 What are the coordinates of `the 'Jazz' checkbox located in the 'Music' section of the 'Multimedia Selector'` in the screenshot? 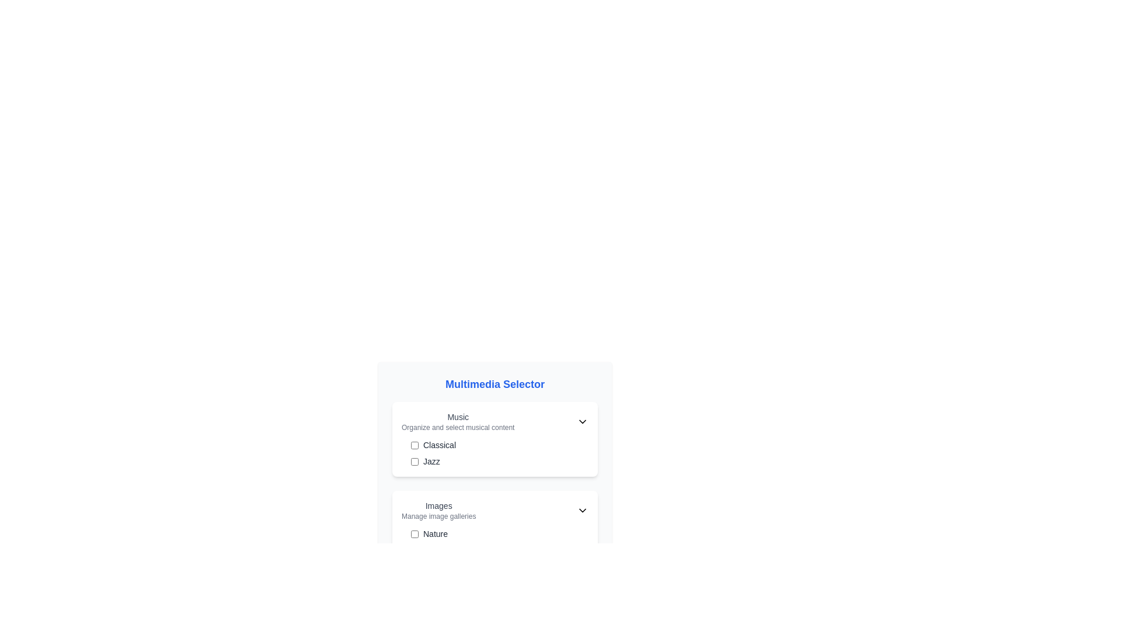 It's located at (415, 461).